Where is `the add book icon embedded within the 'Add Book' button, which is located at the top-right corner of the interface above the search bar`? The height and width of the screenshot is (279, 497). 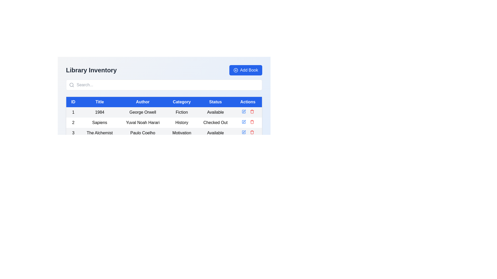
the add book icon embedded within the 'Add Book' button, which is located at the top-right corner of the interface above the search bar is located at coordinates (235, 70).